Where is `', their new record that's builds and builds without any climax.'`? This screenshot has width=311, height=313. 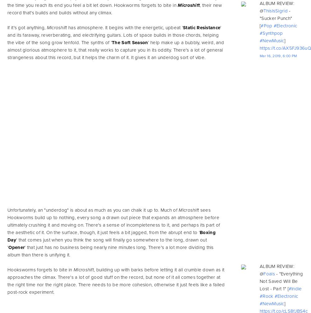
', their new record that's builds and builds without any climax.' is located at coordinates (114, 8).